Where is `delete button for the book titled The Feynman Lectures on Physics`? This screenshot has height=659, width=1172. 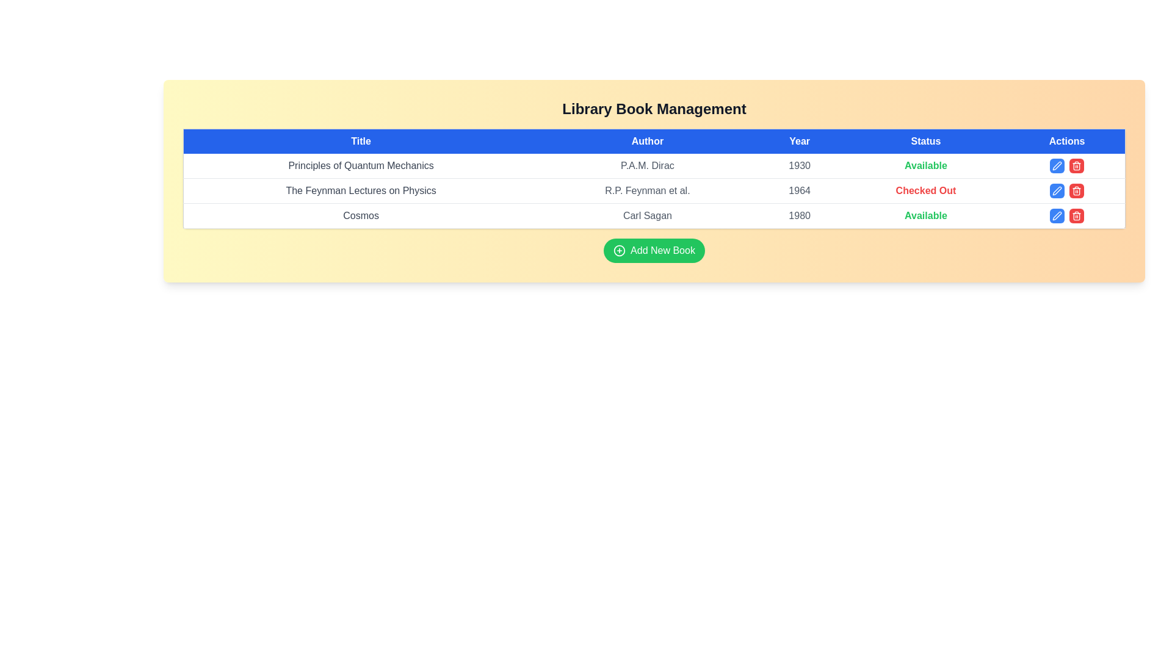
delete button for the book titled The Feynman Lectures on Physics is located at coordinates (1077, 190).